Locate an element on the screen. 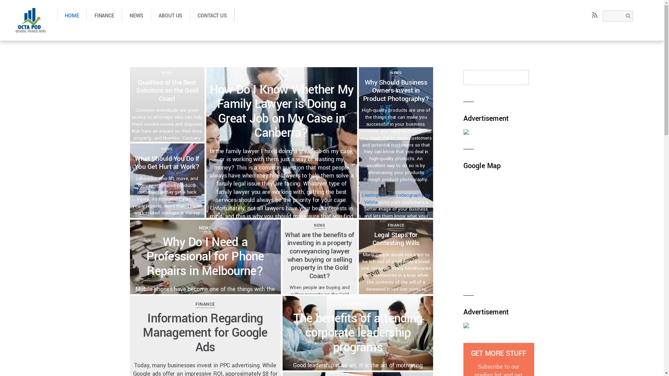  'NEWS' is located at coordinates (319, 225).